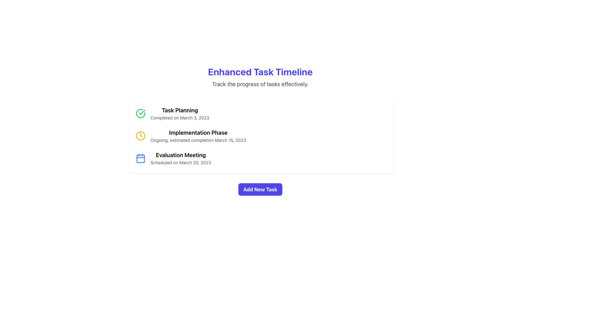 The height and width of the screenshot is (336, 599). What do you see at coordinates (140, 135) in the screenshot?
I see `the SVG circle component of the clock icon indicating the ongoing status for the second task item labeled 'Implementation Phase'` at bounding box center [140, 135].